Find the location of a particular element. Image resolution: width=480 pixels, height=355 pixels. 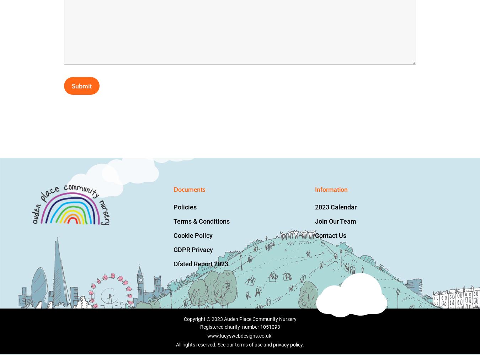

'www.lucyswebdesigns.co.uk.' is located at coordinates (207, 335).